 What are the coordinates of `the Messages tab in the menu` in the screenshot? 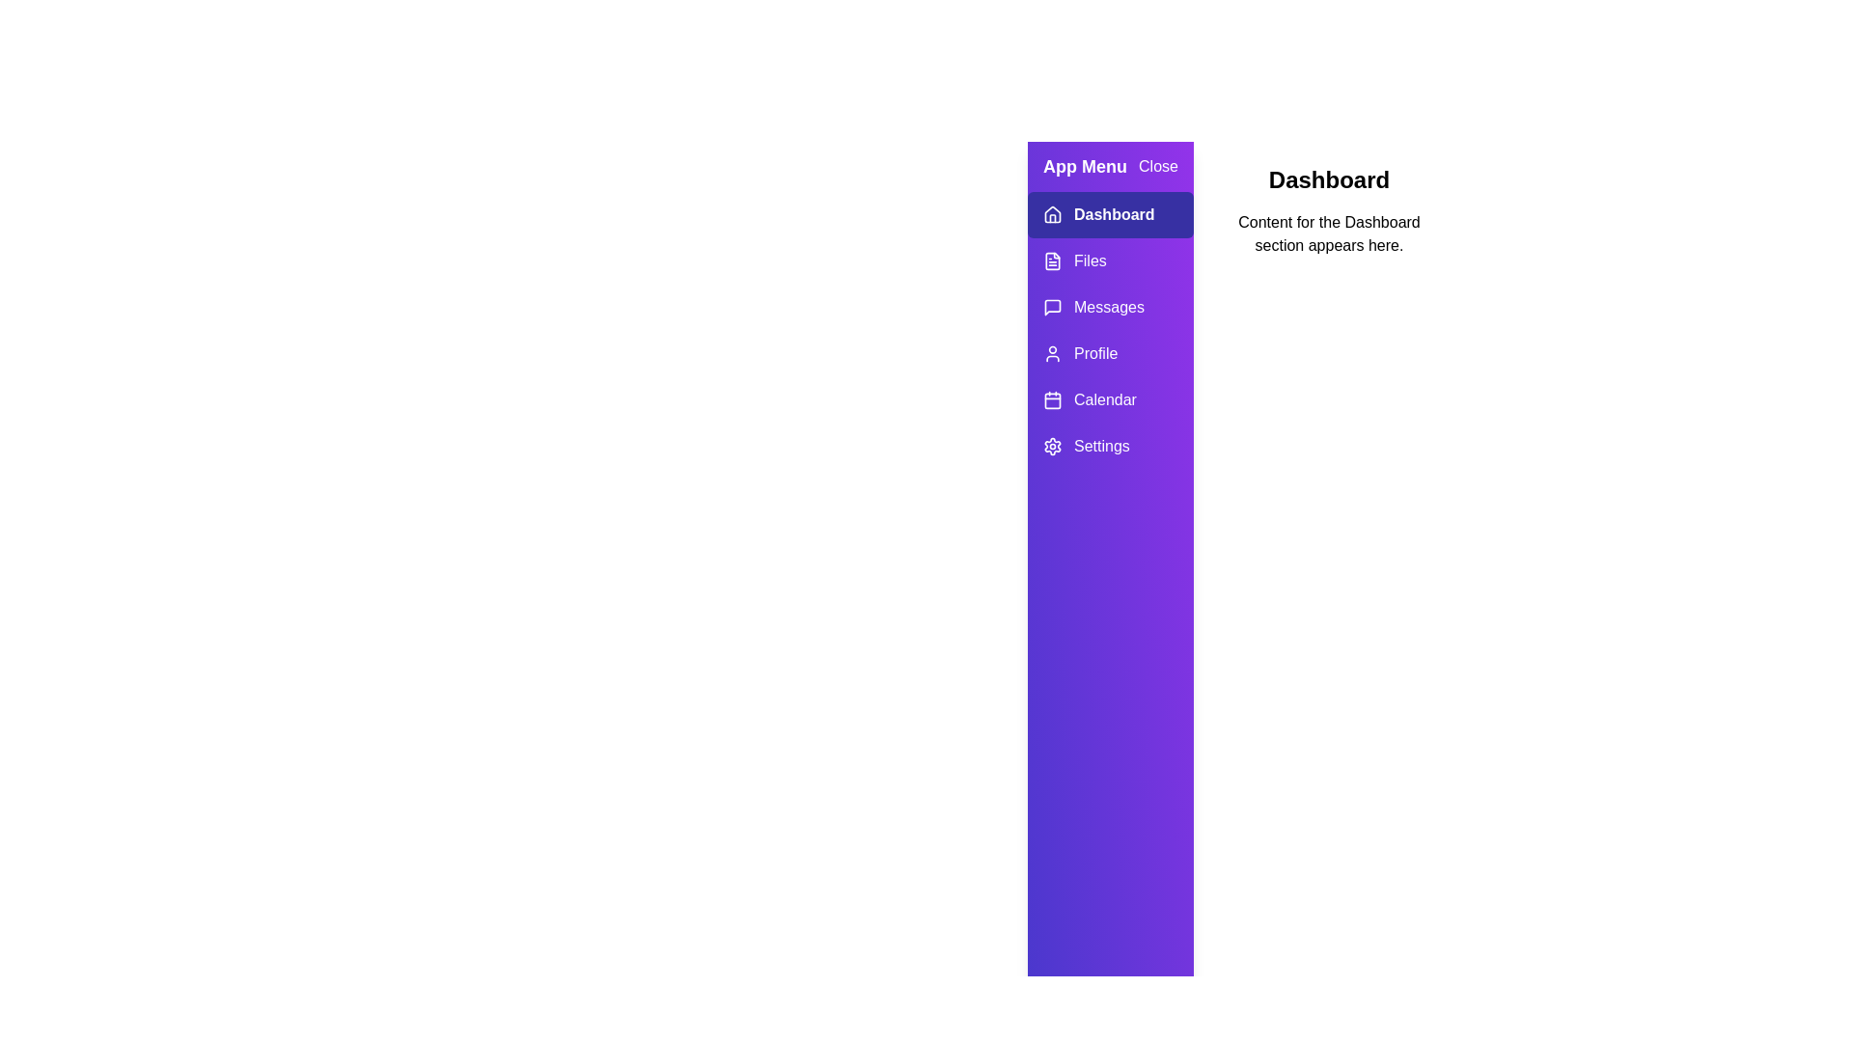 It's located at (1110, 307).